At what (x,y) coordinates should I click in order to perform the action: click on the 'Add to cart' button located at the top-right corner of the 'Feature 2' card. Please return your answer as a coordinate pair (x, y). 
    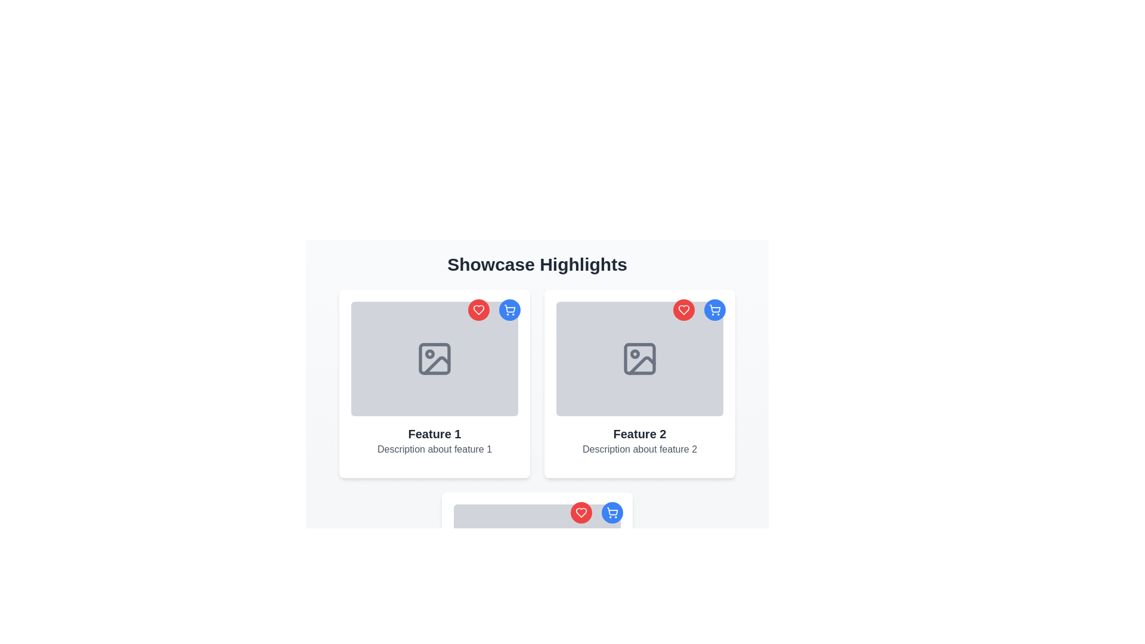
    Looking at the image, I should click on (715, 309).